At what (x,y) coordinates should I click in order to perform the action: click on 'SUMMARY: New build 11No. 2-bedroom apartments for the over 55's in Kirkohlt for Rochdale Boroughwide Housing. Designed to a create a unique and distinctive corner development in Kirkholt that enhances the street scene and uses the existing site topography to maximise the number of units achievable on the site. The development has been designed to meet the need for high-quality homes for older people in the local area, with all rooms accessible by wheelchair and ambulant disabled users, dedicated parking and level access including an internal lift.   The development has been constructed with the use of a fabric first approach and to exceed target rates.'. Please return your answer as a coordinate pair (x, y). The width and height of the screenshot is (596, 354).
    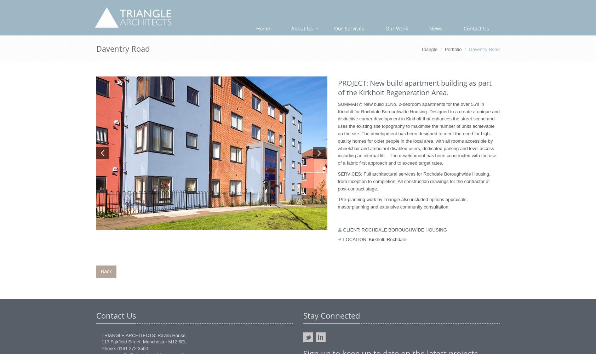
    Looking at the image, I should click on (418, 133).